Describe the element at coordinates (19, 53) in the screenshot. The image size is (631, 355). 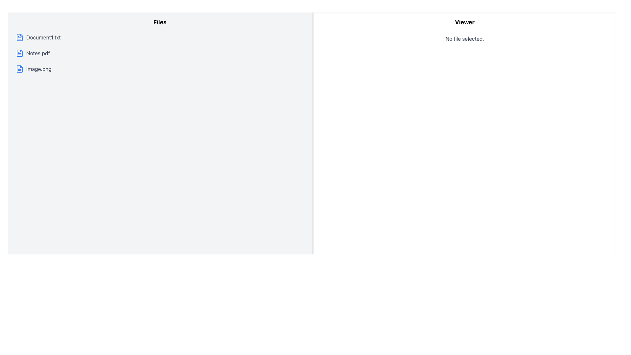
I see `the small document icon with a blue outline located to the left of the text 'Notes.pdf' in the left-hand list of files` at that location.